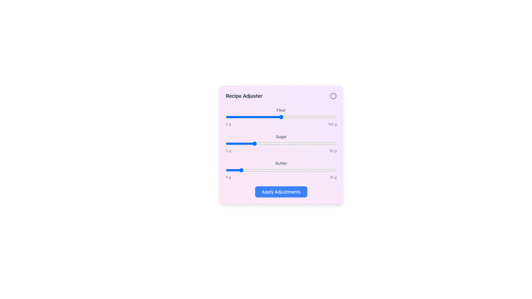 The width and height of the screenshot is (532, 299). Describe the element at coordinates (258, 117) in the screenshot. I see `the slider value` at that location.